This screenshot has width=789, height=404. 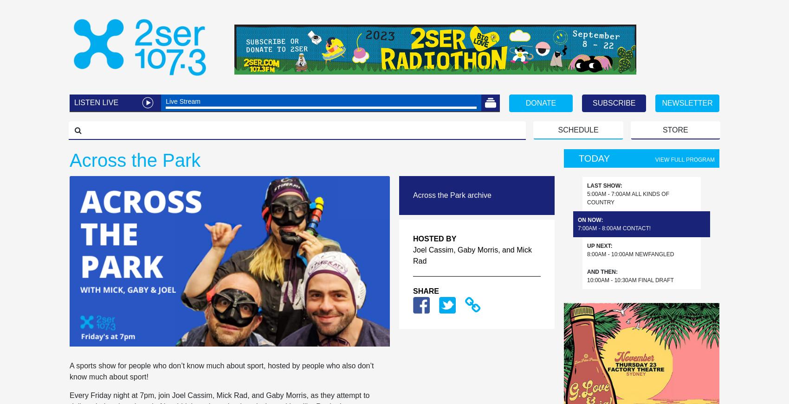 I want to click on 'View full program', so click(x=684, y=159).